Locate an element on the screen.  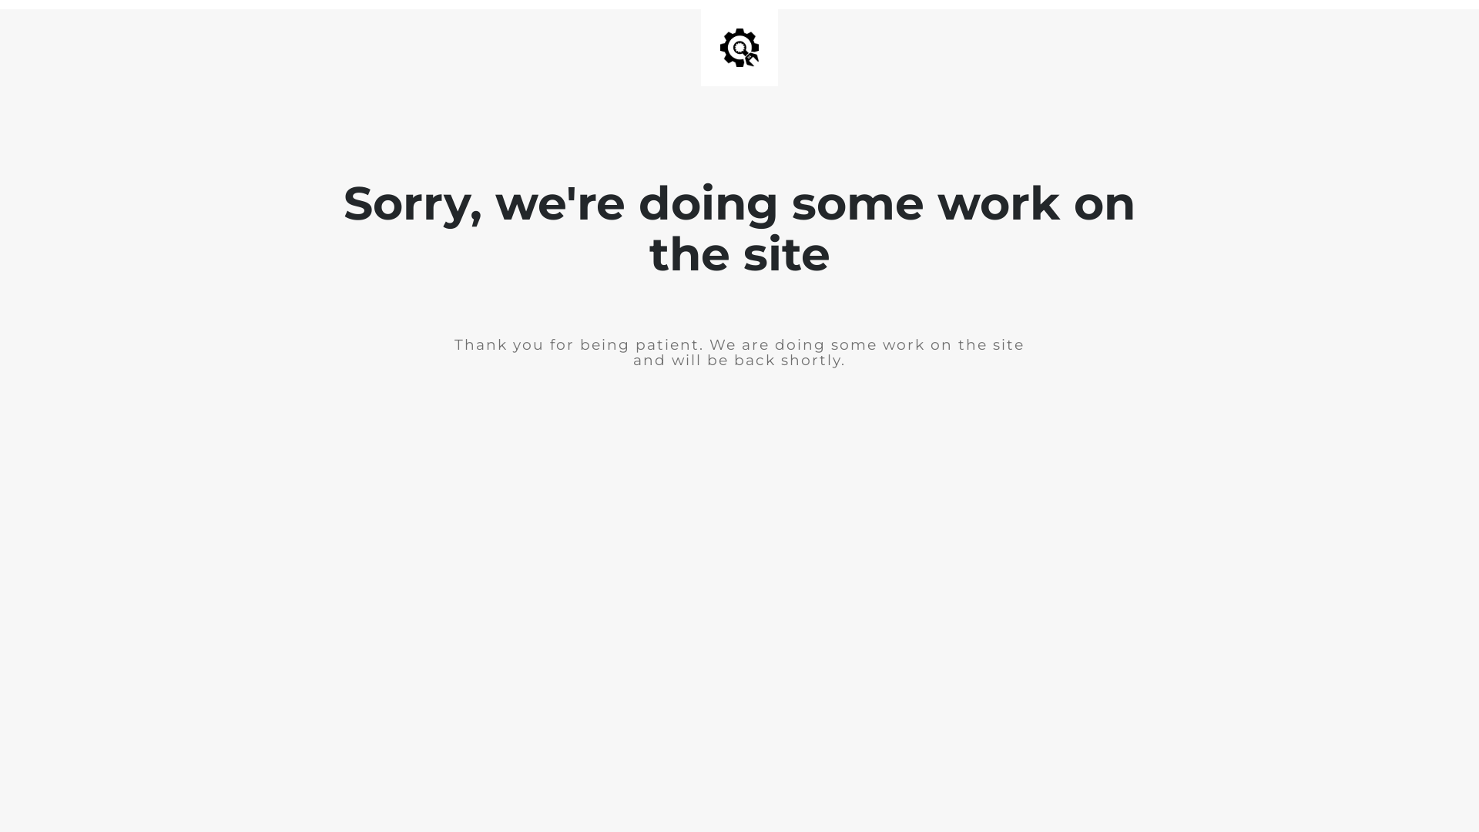
'Site is Under Construction' is located at coordinates (739, 46).